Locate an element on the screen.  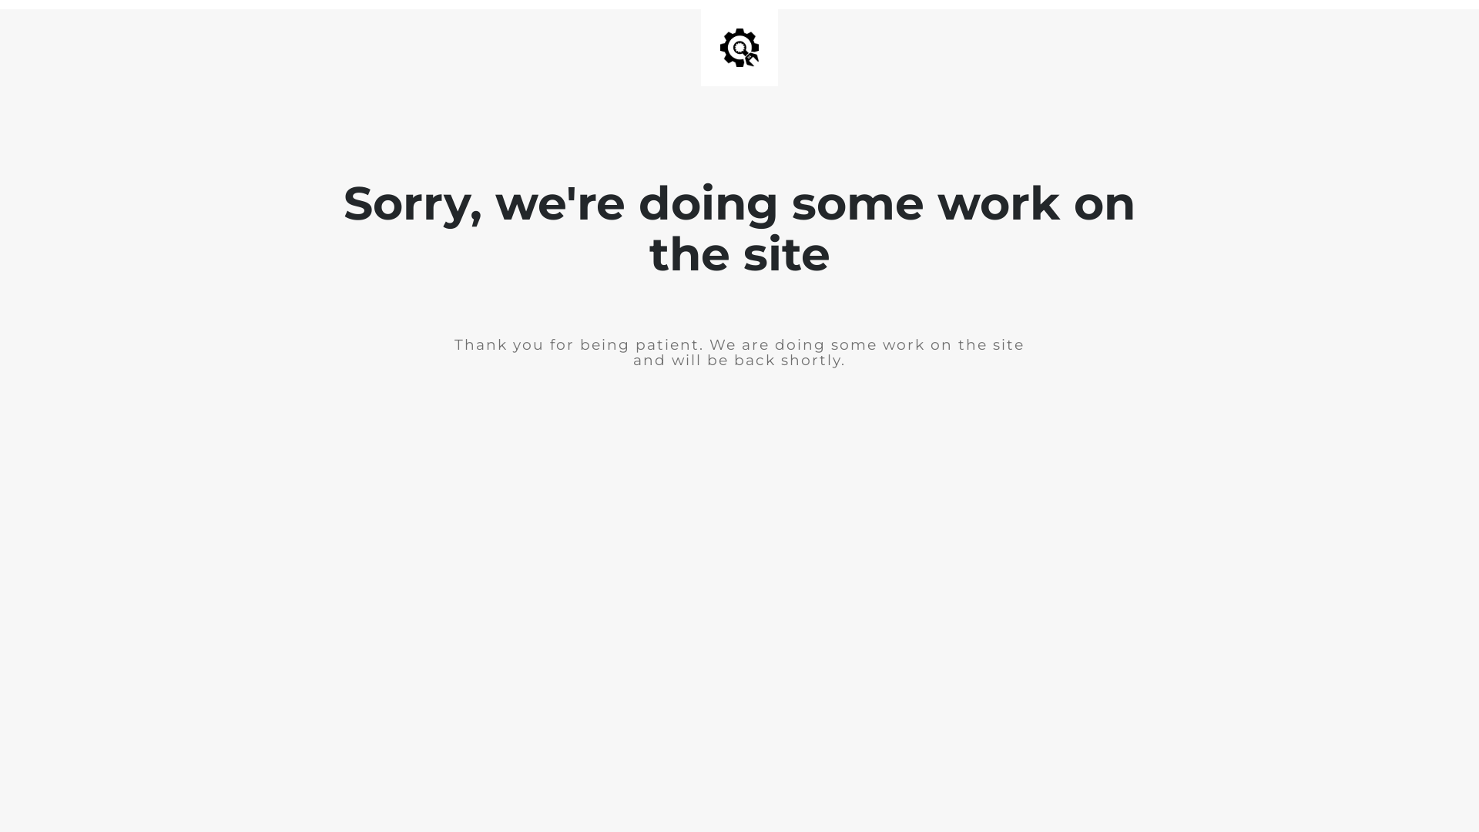
'Site is Under Construction' is located at coordinates (739, 46).